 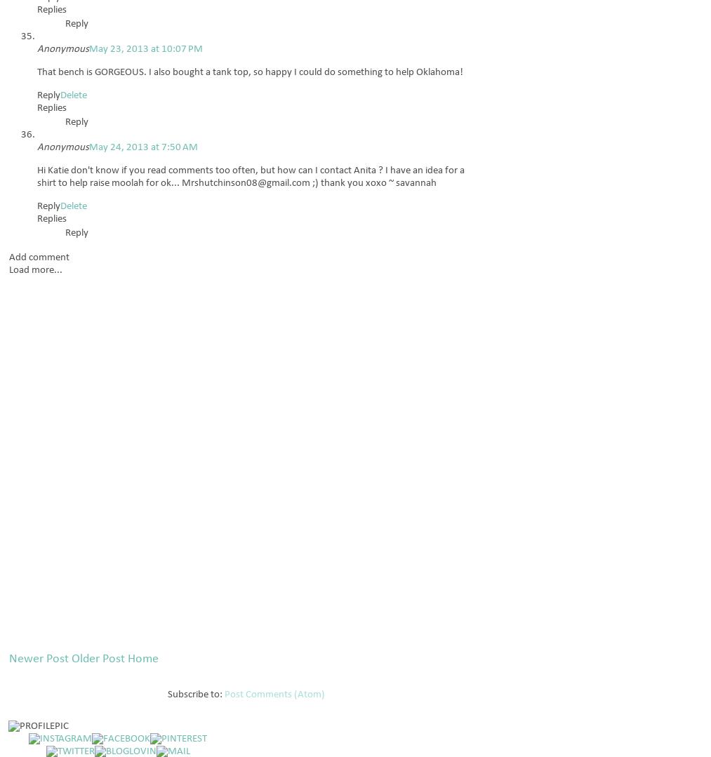 What do you see at coordinates (274, 694) in the screenshot?
I see `'Post Comments (Atom)'` at bounding box center [274, 694].